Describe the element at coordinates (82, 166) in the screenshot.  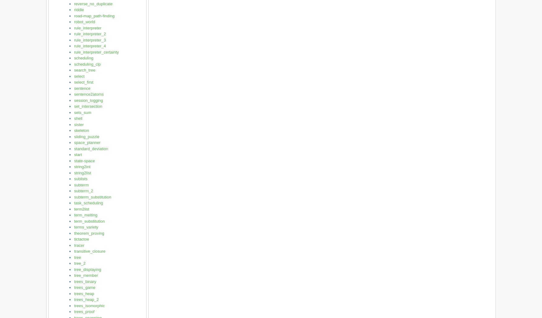
I see `'string2int'` at that location.